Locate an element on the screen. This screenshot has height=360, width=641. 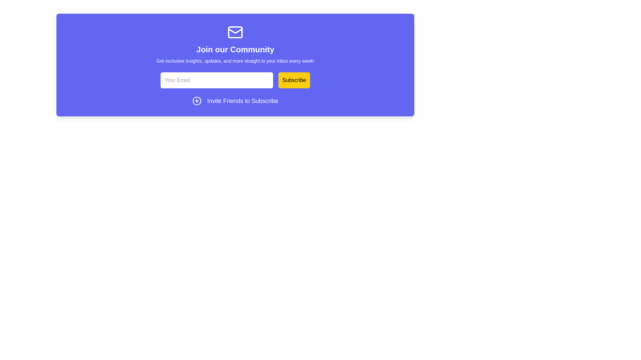
the envelope graphical element located at the top of the blue card, which represents email communication, above the 'Join our Community' text is located at coordinates (235, 32).